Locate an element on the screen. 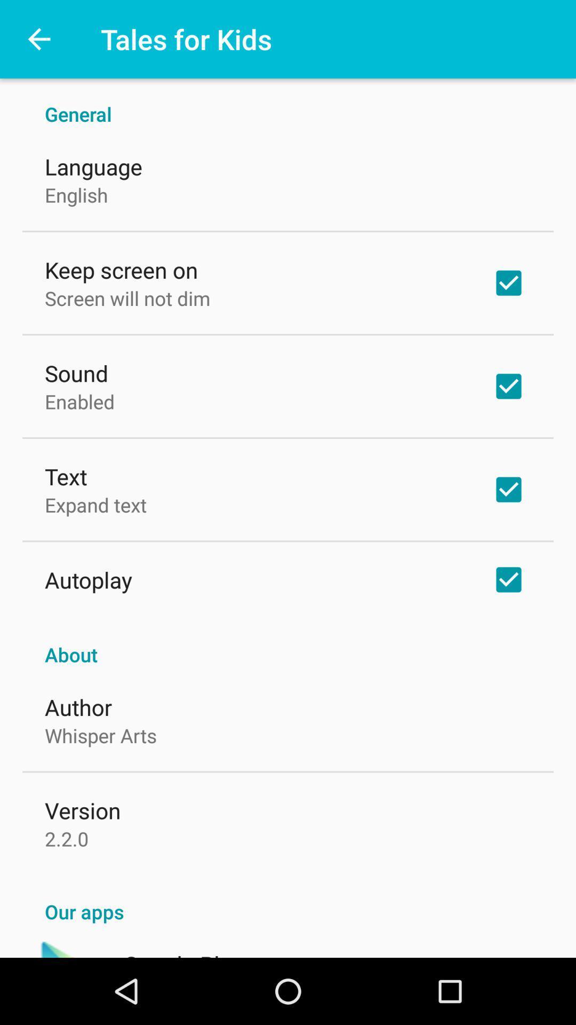 Image resolution: width=576 pixels, height=1025 pixels. icon next to the google play is located at coordinates (62, 950).